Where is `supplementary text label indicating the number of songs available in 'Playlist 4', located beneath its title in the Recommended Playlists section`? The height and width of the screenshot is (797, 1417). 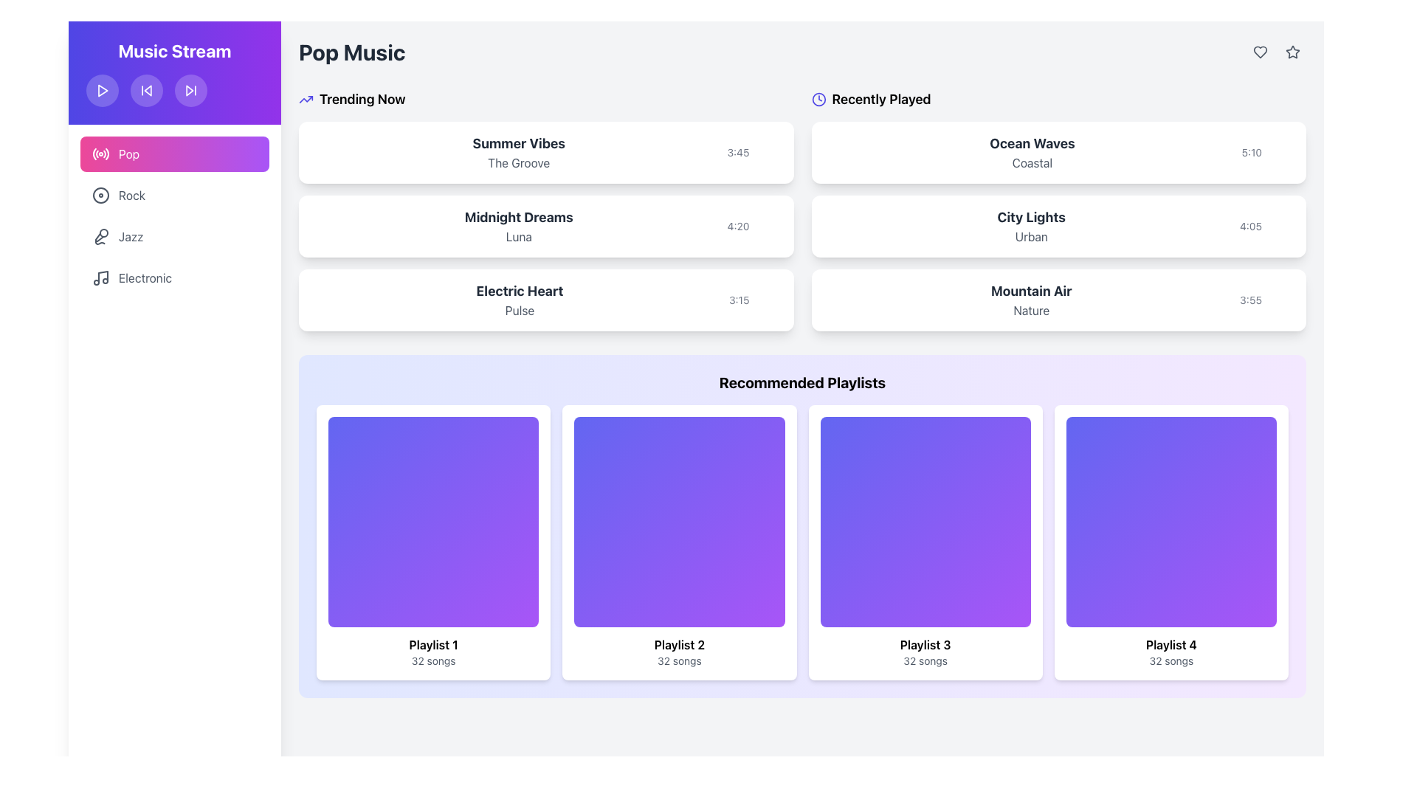 supplementary text label indicating the number of songs available in 'Playlist 4', located beneath its title in the Recommended Playlists section is located at coordinates (1171, 660).